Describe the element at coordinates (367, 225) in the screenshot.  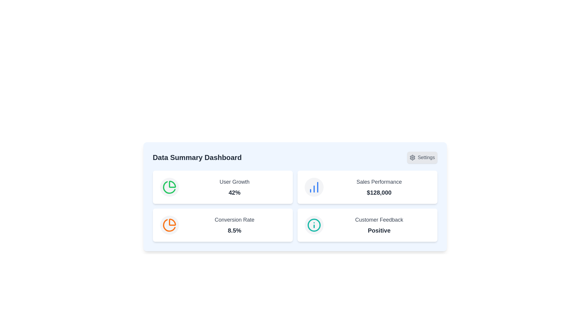
I see `the Informational card displaying 'Customer Feedback' and 'Positive' with a teal circular icon, located in the bottom-right corner of the 2x2 grid on the 'Data Summary Dashboard'` at that location.